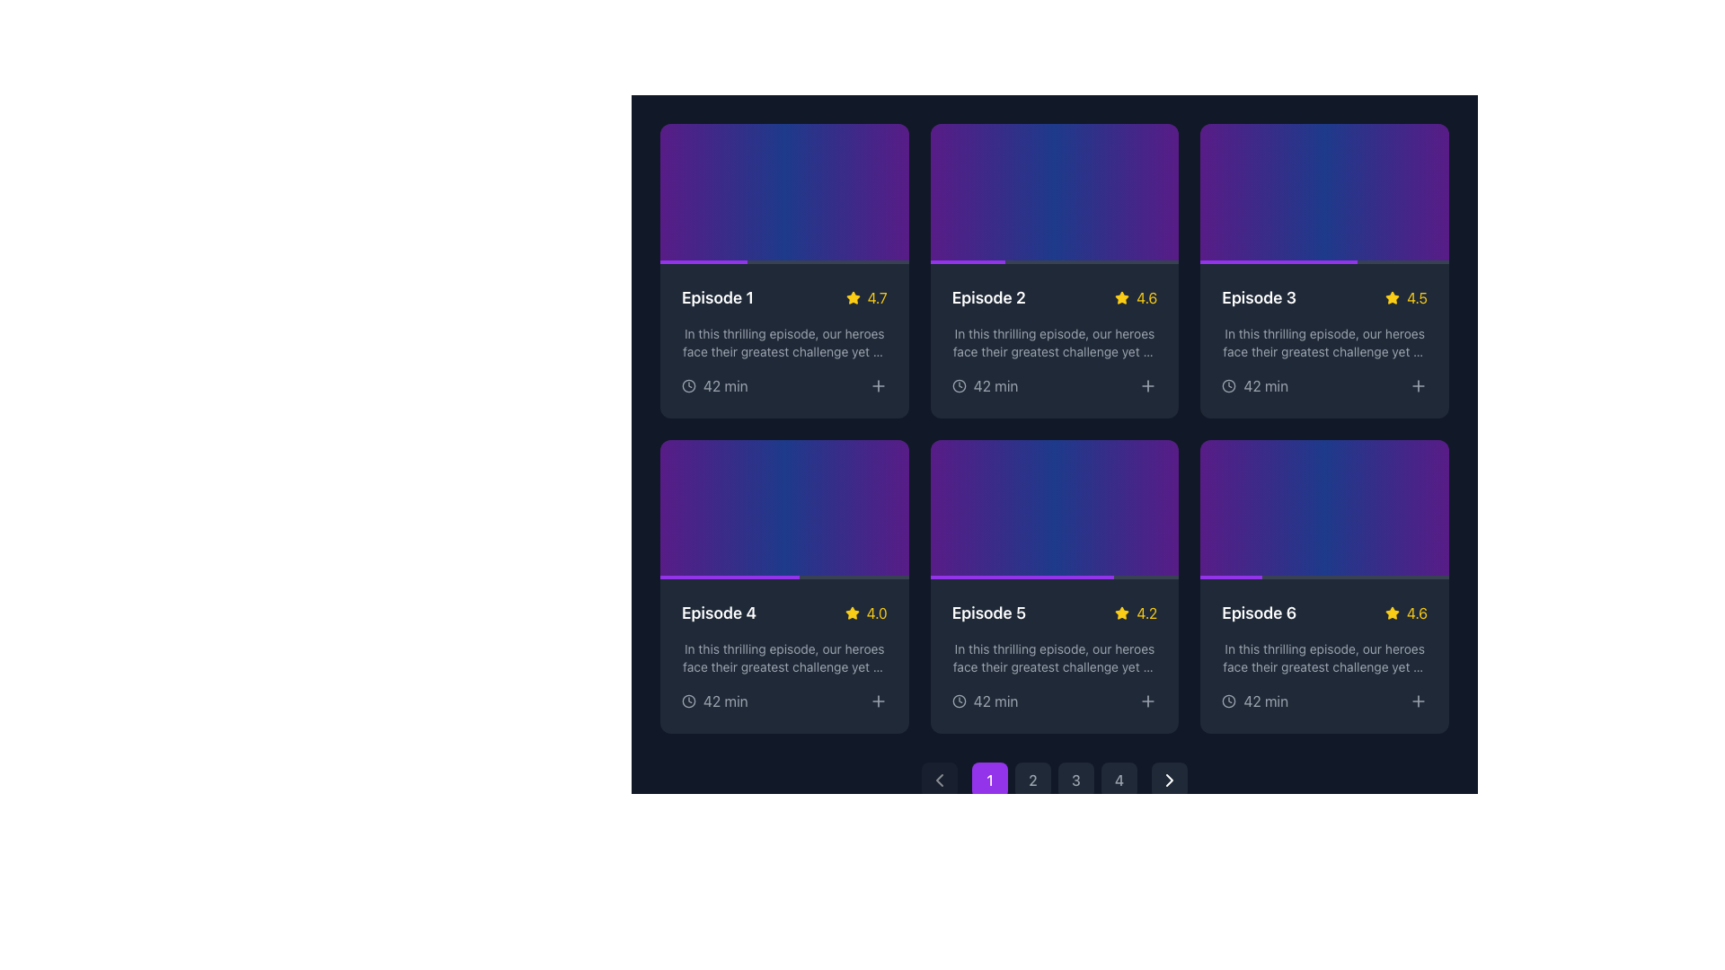 The image size is (1725, 970). What do you see at coordinates (1055, 261) in the screenshot?
I see `progress bar located at the bottom edge of the card labeled 'Episode 2', which shows progress via the purple segment` at bounding box center [1055, 261].